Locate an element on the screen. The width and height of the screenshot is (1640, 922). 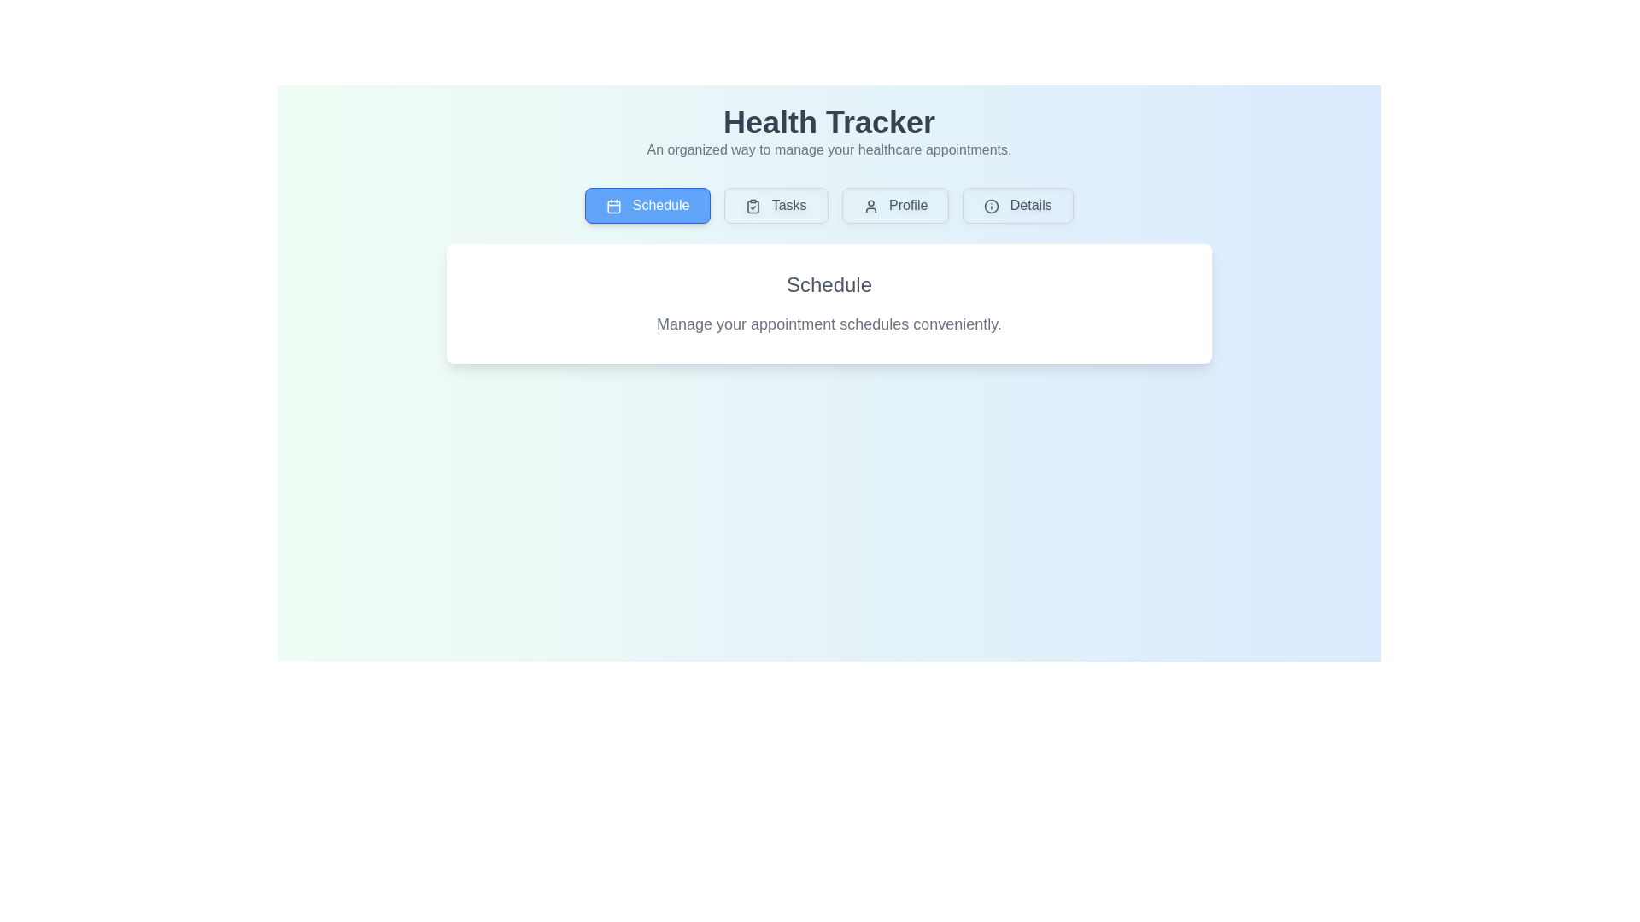
the tab button labeled Details is located at coordinates (1017, 204).